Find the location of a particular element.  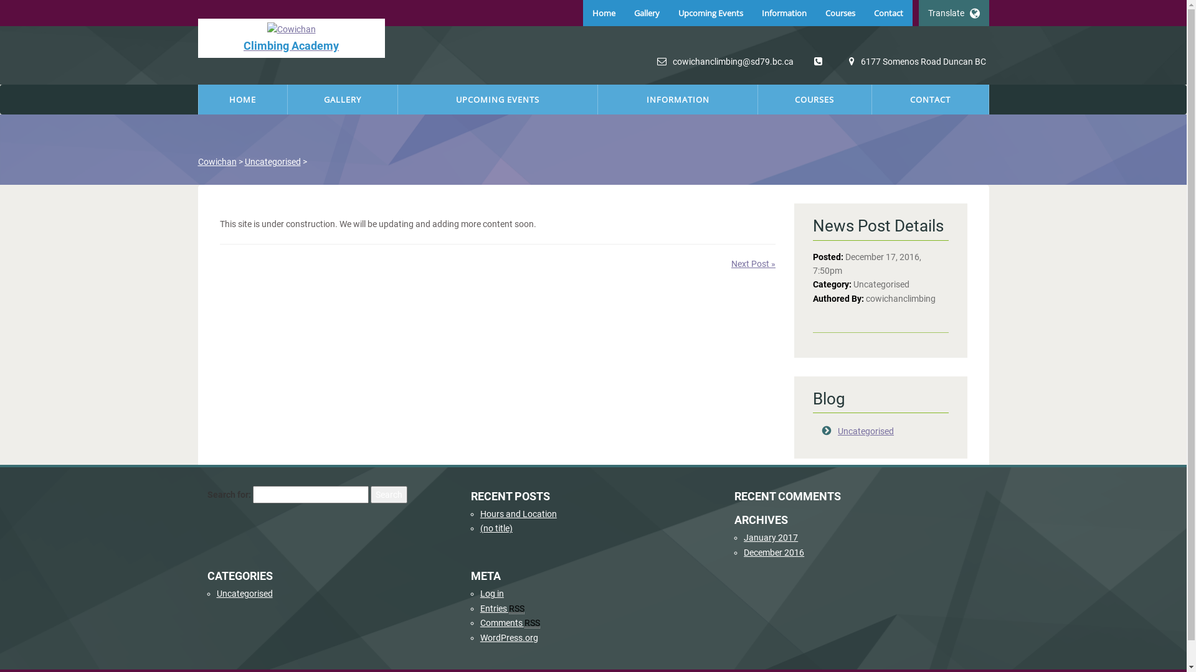

'Cowichan' is located at coordinates (217, 161).